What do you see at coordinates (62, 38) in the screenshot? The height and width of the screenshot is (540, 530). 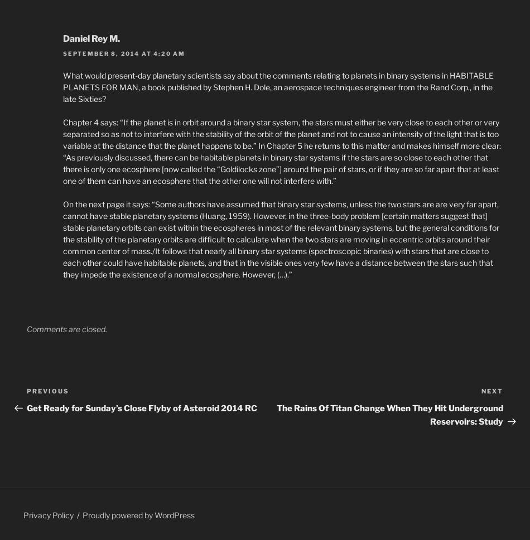 I see `'Daniel Rey M.'` at bounding box center [62, 38].